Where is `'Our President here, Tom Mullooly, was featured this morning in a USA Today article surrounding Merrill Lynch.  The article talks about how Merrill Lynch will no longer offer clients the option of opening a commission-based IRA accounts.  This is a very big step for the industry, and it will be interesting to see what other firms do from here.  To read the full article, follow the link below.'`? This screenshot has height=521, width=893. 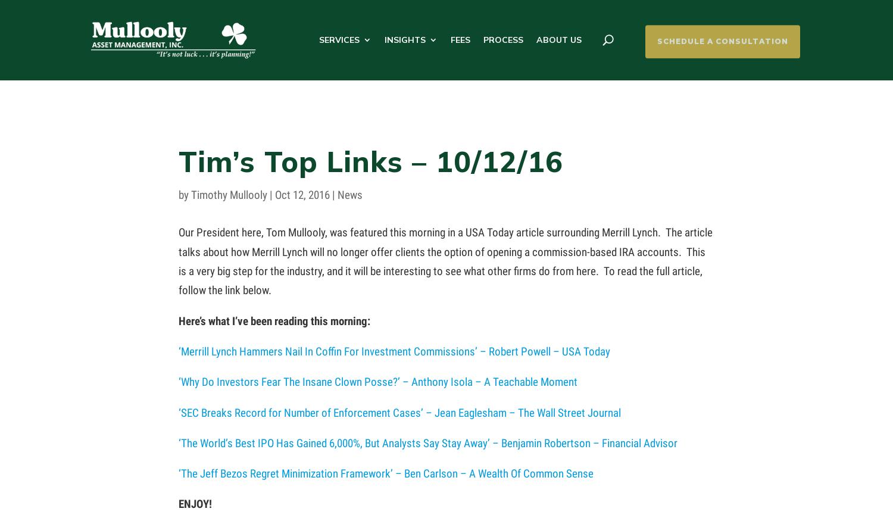 'Our President here, Tom Mullooly, was featured this morning in a USA Today article surrounding Merrill Lynch.  The article talks about how Merrill Lynch will no longer offer clients the option of opening a commission-based IRA accounts.  This is a very big step for the industry, and it will be interesting to see what other firms do from here.  To read the full article, follow the link below.' is located at coordinates (445, 261).